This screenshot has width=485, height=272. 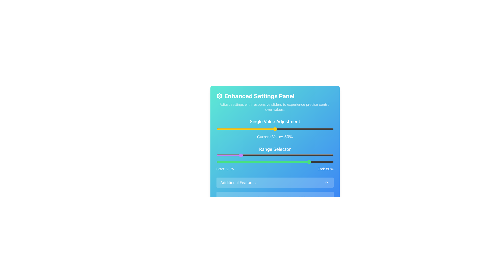 I want to click on the slider, so click(x=277, y=162).